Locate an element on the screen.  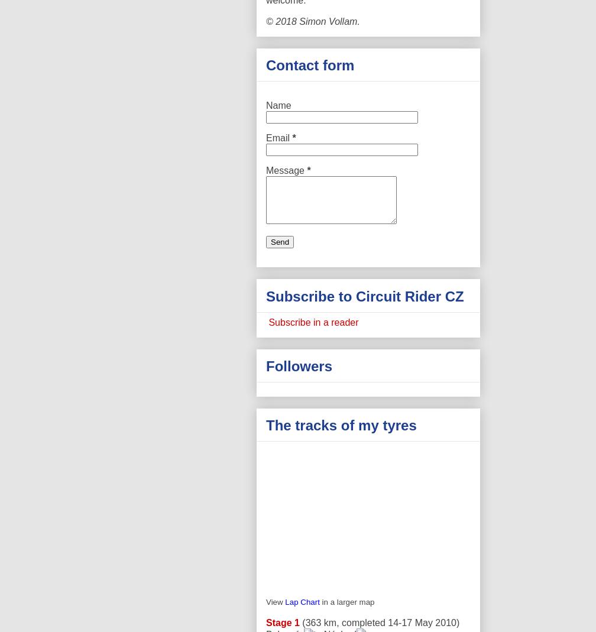
'Subscribe to Circuit Rider CZ' is located at coordinates (364, 295).